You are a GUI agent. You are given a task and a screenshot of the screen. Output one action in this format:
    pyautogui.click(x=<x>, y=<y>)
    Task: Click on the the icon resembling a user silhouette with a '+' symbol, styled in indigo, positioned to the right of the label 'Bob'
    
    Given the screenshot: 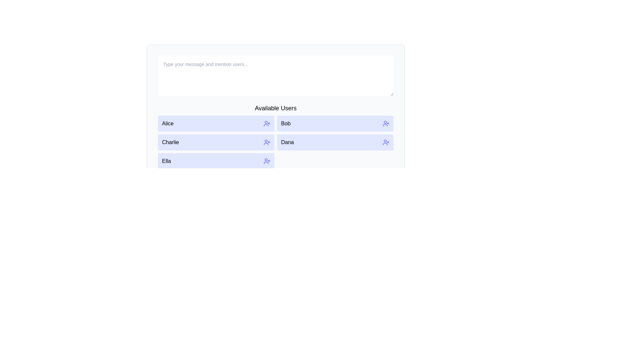 What is the action you would take?
    pyautogui.click(x=386, y=124)
    